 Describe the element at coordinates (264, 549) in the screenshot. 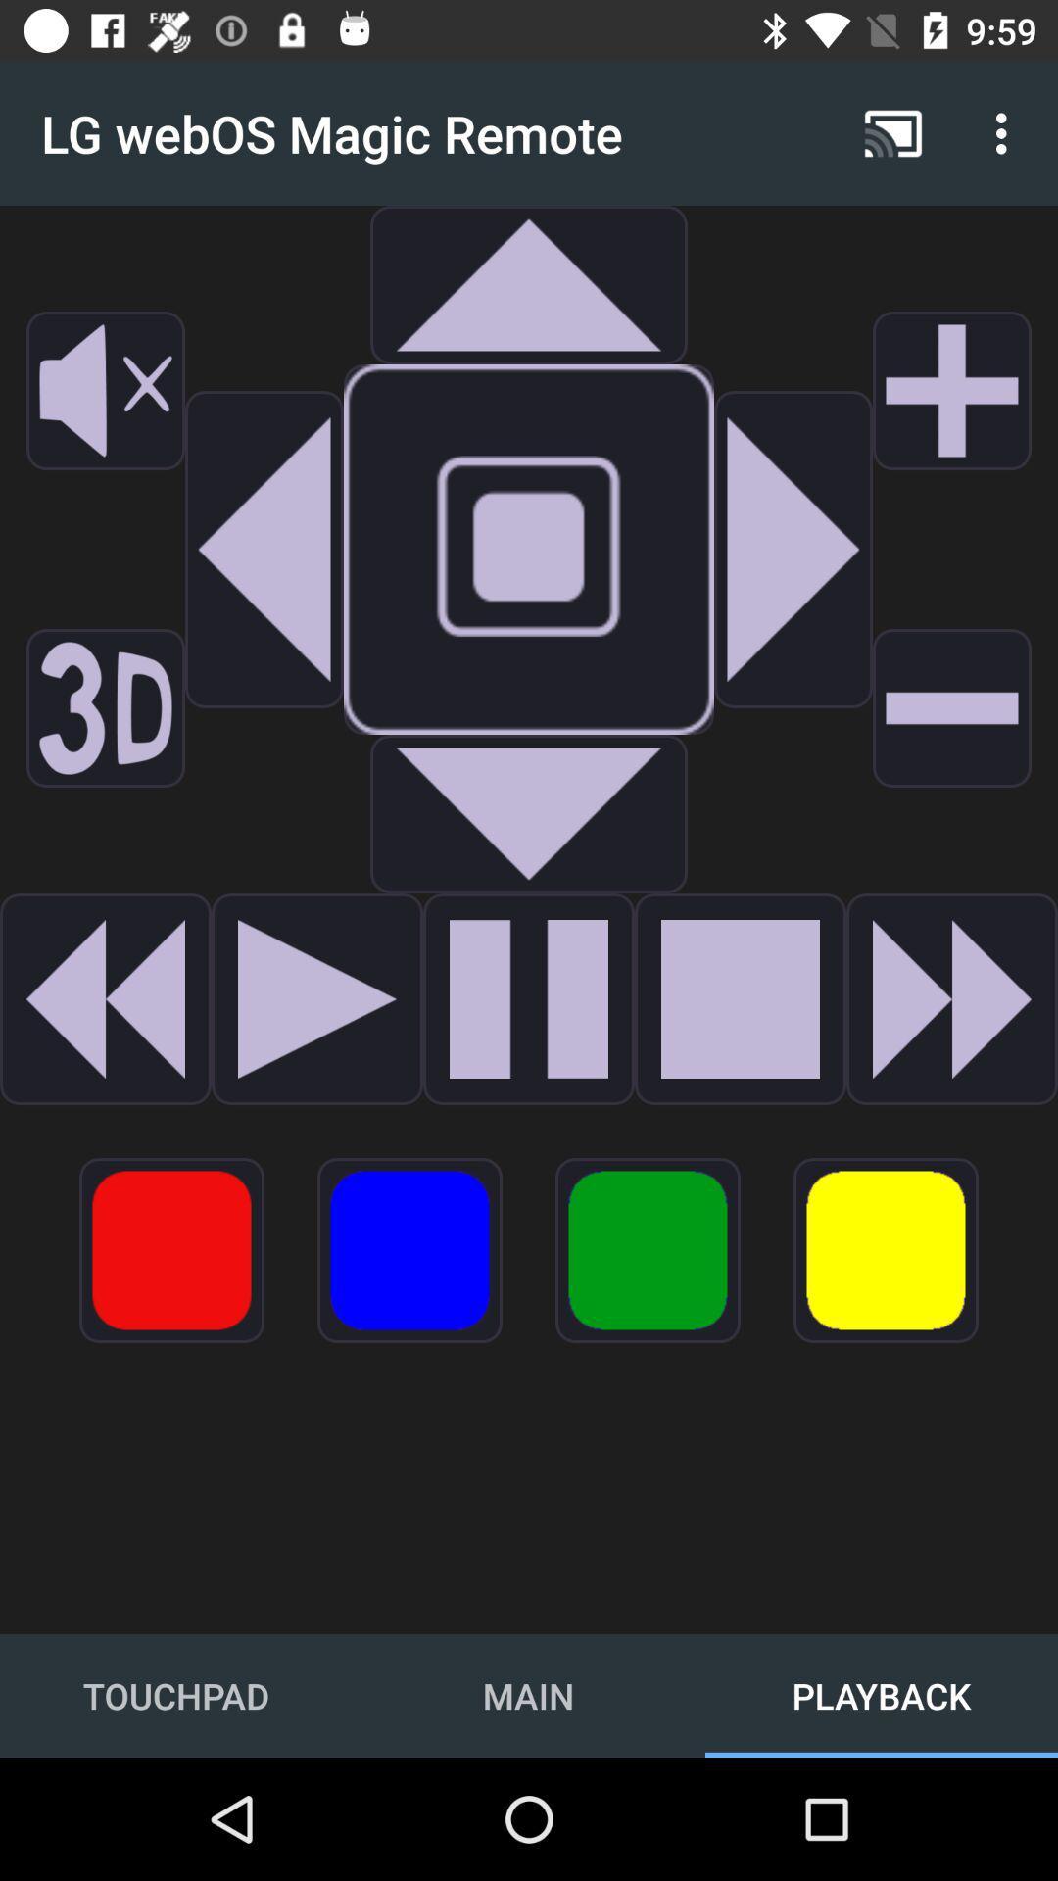

I see `go back` at that location.